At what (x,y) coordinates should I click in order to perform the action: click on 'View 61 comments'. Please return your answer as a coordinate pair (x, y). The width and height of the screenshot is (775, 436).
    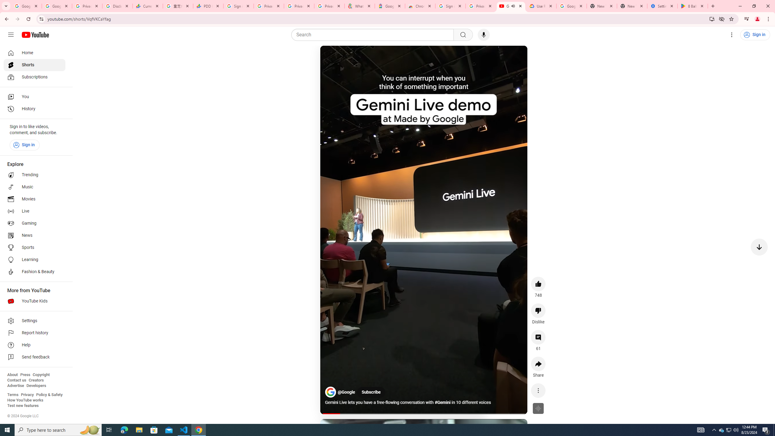
    Looking at the image, I should click on (538, 337).